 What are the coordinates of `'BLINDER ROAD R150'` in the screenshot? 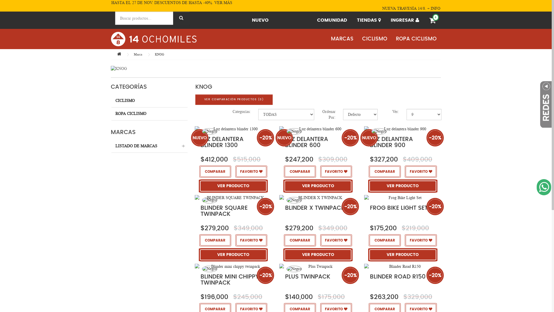 It's located at (397, 276).